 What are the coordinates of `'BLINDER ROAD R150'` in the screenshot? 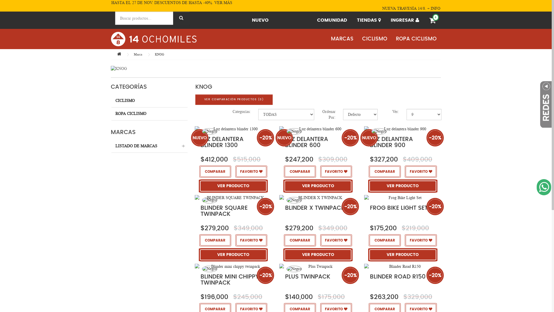 It's located at (397, 276).